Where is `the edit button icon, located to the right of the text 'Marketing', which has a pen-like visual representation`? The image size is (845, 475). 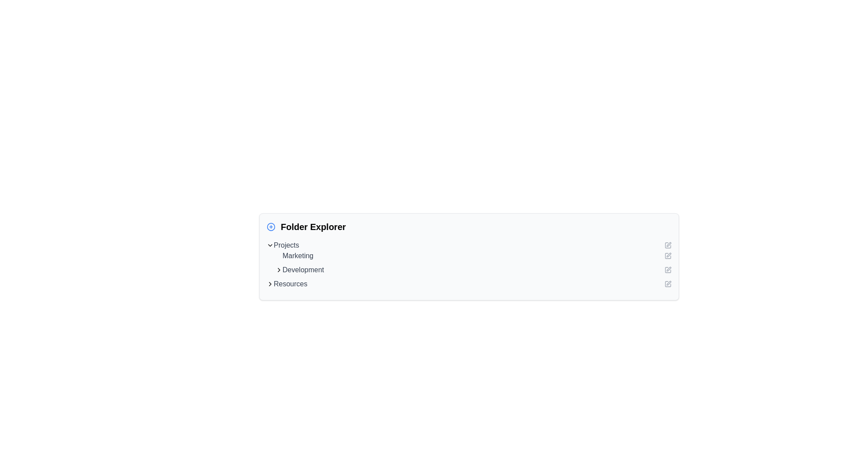 the edit button icon, located to the right of the text 'Marketing', which has a pen-like visual representation is located at coordinates (668, 256).